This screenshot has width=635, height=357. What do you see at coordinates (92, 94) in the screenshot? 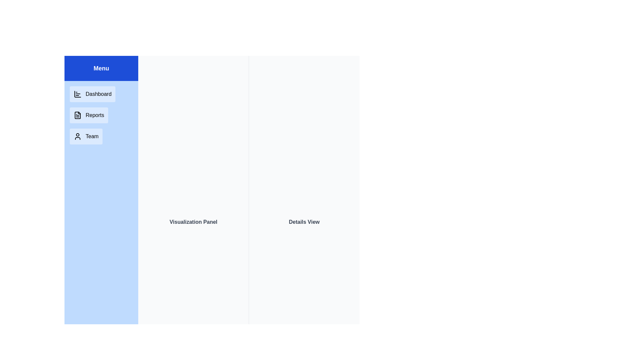
I see `the 'Dashboard' button located in the left-side sidebar, which is the first button in a vertical list and features a bar chart icon on the left and the text 'Dashboard' on the right` at bounding box center [92, 94].